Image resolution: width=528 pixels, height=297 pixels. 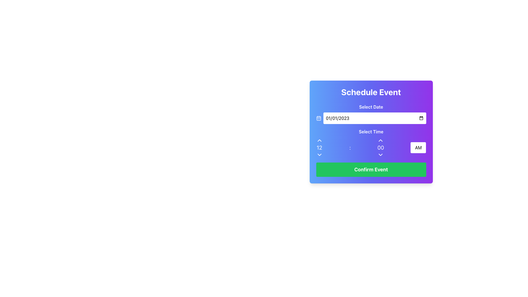 What do you see at coordinates (319, 155) in the screenshot?
I see `the button located below the numerical value '12'` at bounding box center [319, 155].